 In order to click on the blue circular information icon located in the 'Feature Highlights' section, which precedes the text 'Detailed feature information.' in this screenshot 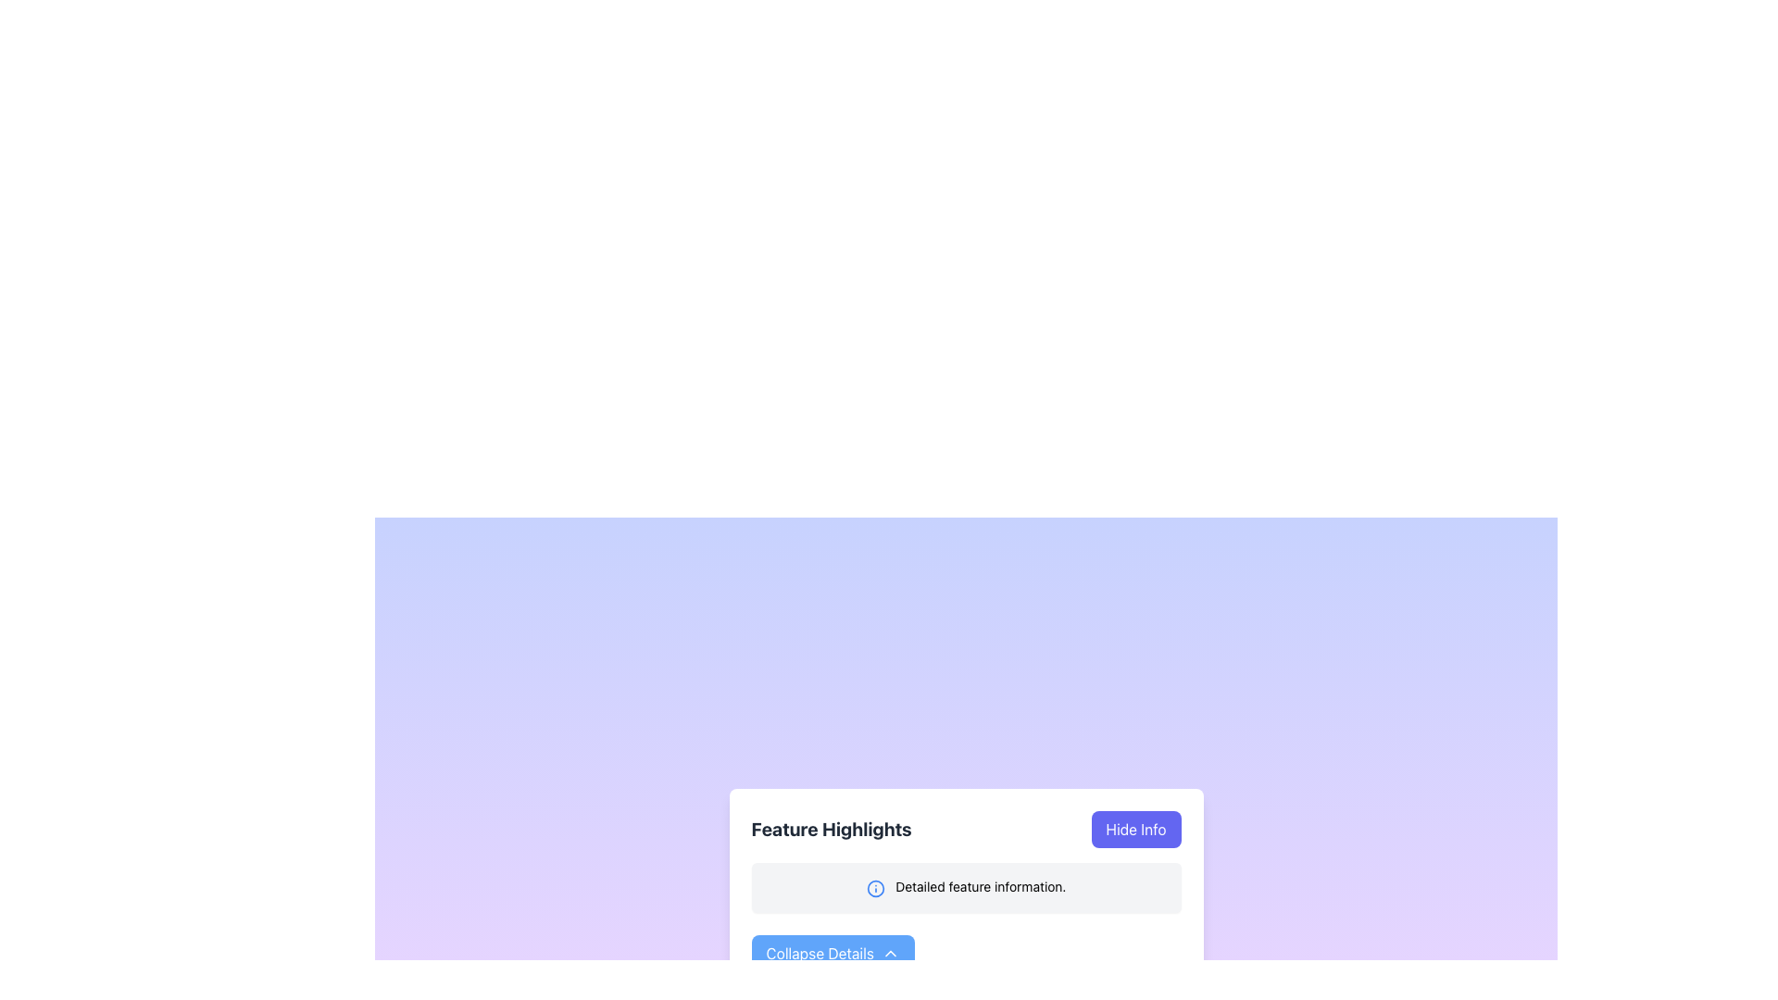, I will do `click(874, 887)`.